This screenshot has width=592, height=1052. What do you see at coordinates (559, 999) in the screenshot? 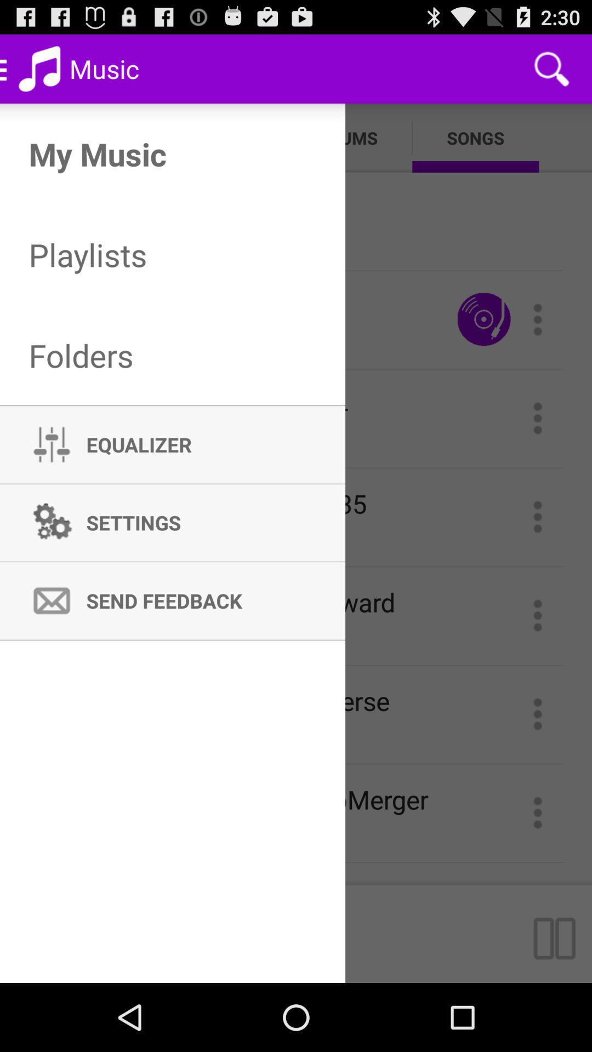
I see `the pause icon` at bounding box center [559, 999].